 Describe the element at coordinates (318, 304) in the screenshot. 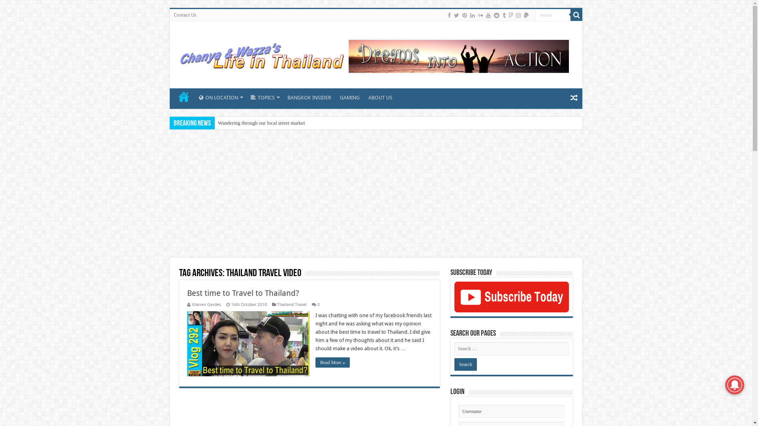

I see `'0'` at that location.